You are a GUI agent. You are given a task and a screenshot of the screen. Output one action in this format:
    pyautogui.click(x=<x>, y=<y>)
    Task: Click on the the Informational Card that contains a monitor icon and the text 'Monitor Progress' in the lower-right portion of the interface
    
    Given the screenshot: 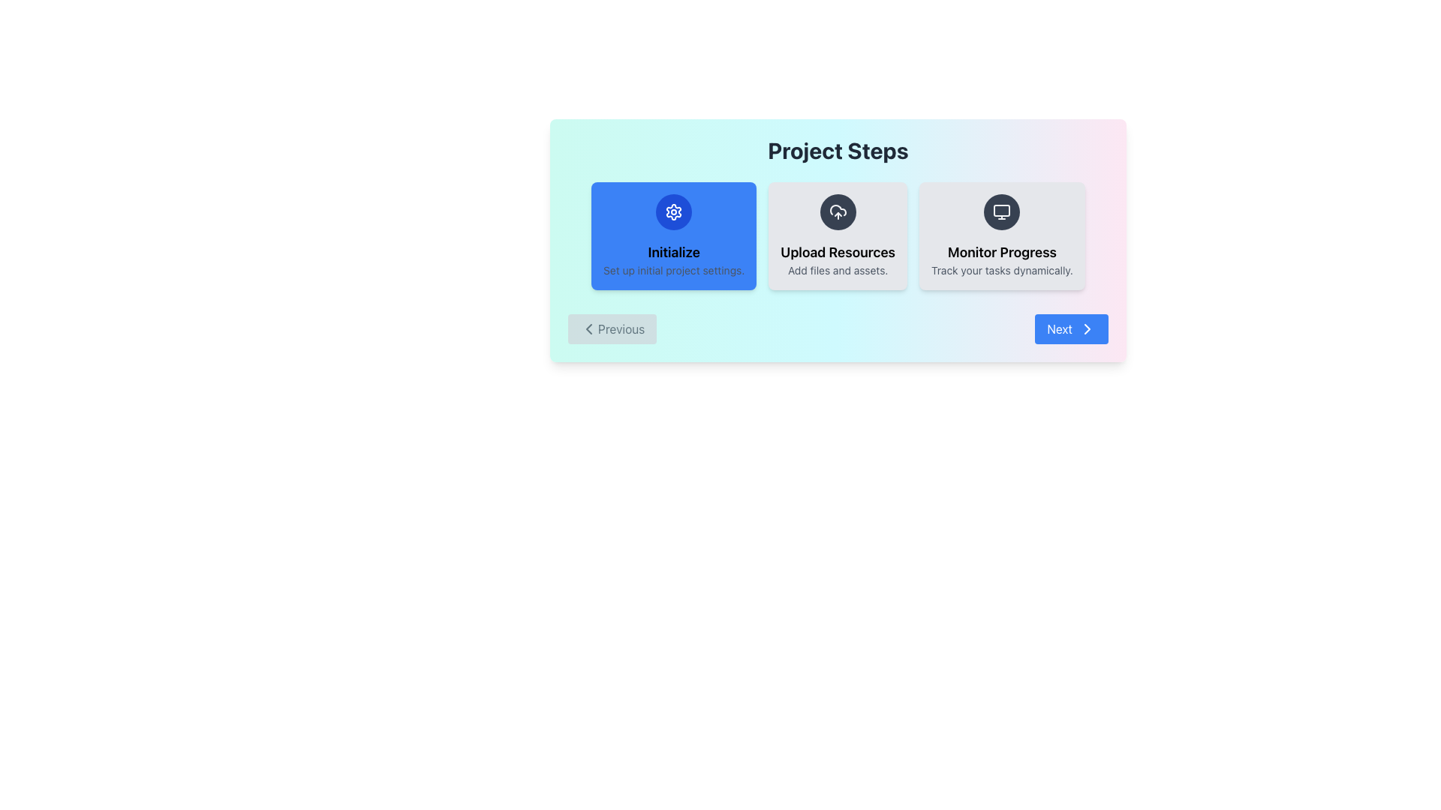 What is the action you would take?
    pyautogui.click(x=1002, y=236)
    